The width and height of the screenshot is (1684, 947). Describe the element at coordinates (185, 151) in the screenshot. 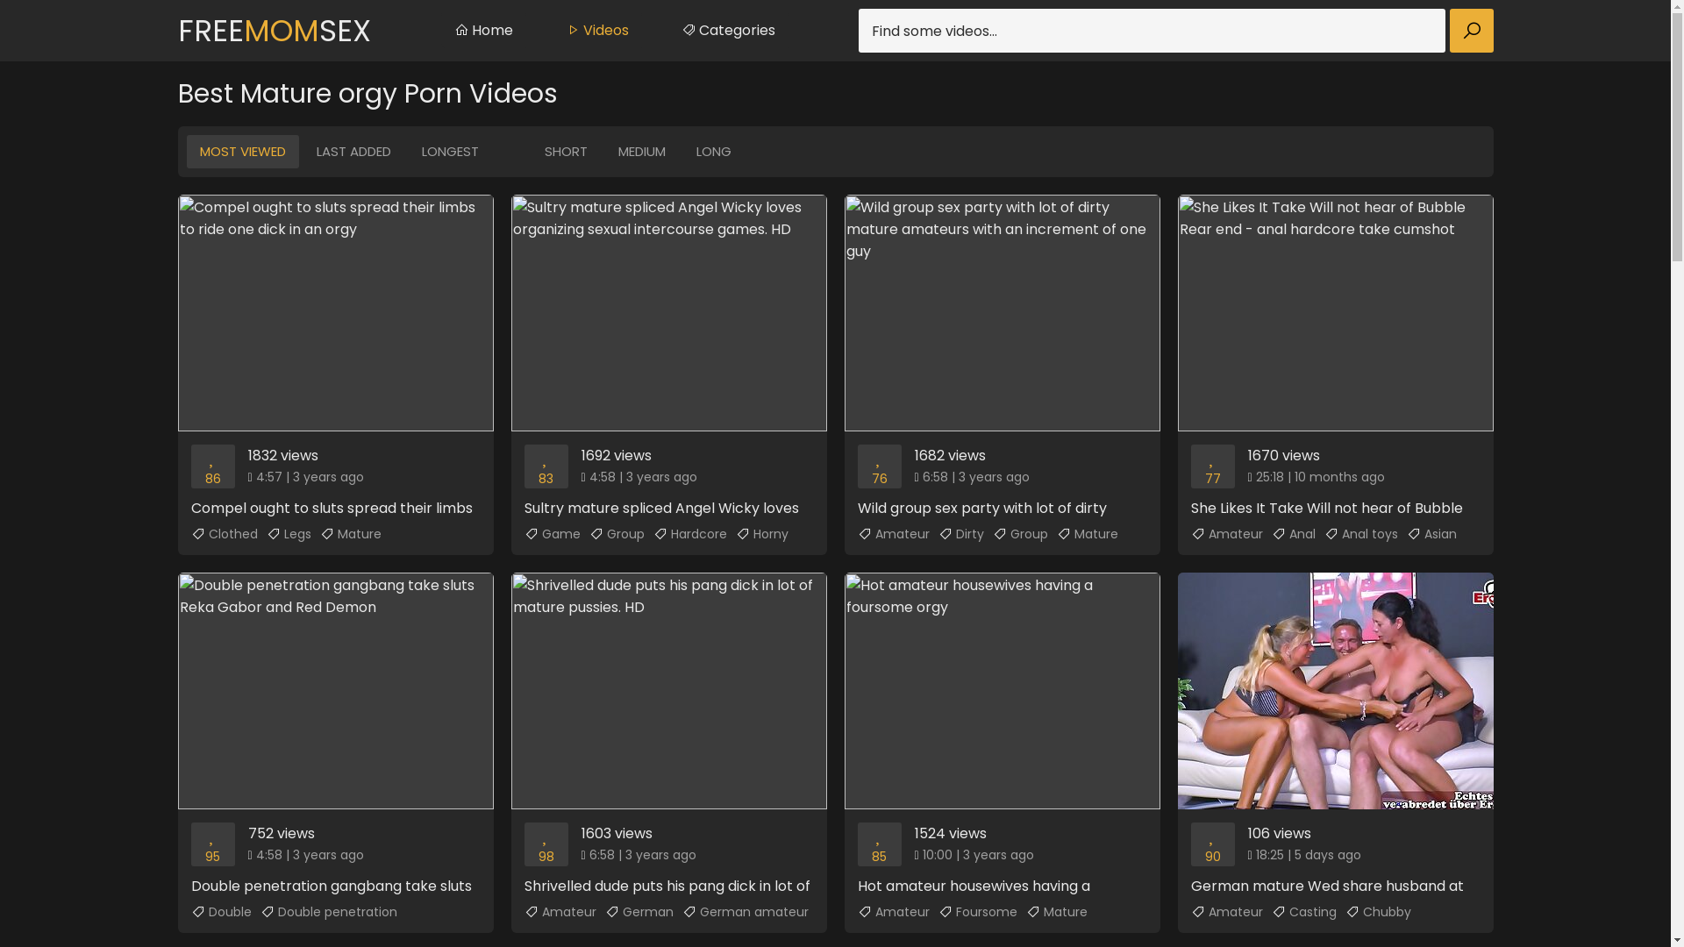

I see `'MOST VIEWED'` at that location.